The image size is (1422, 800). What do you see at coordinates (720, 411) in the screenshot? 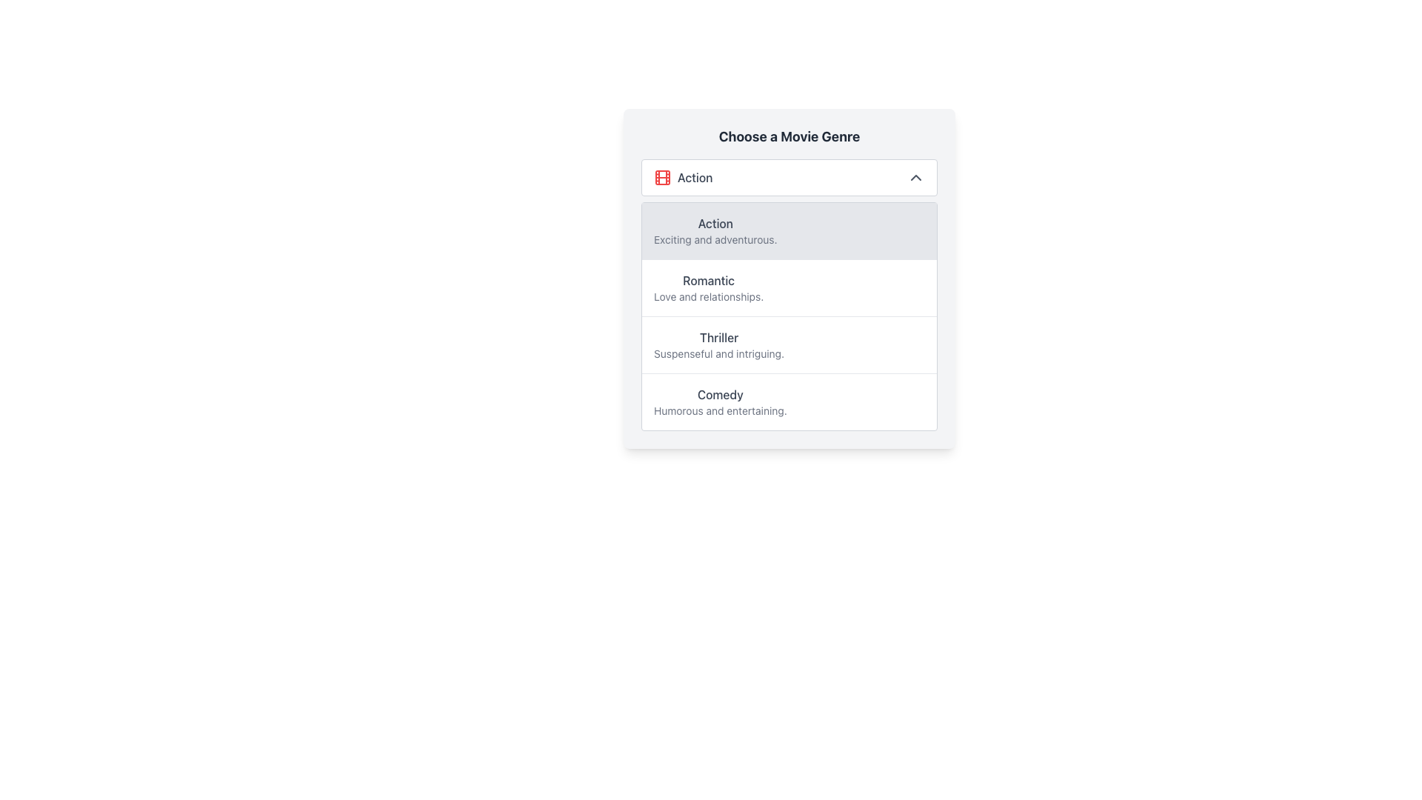
I see `the static text label saying 'Humorous and entertaining.' located beneath the 'Comedy' label in the movie genres list` at bounding box center [720, 411].